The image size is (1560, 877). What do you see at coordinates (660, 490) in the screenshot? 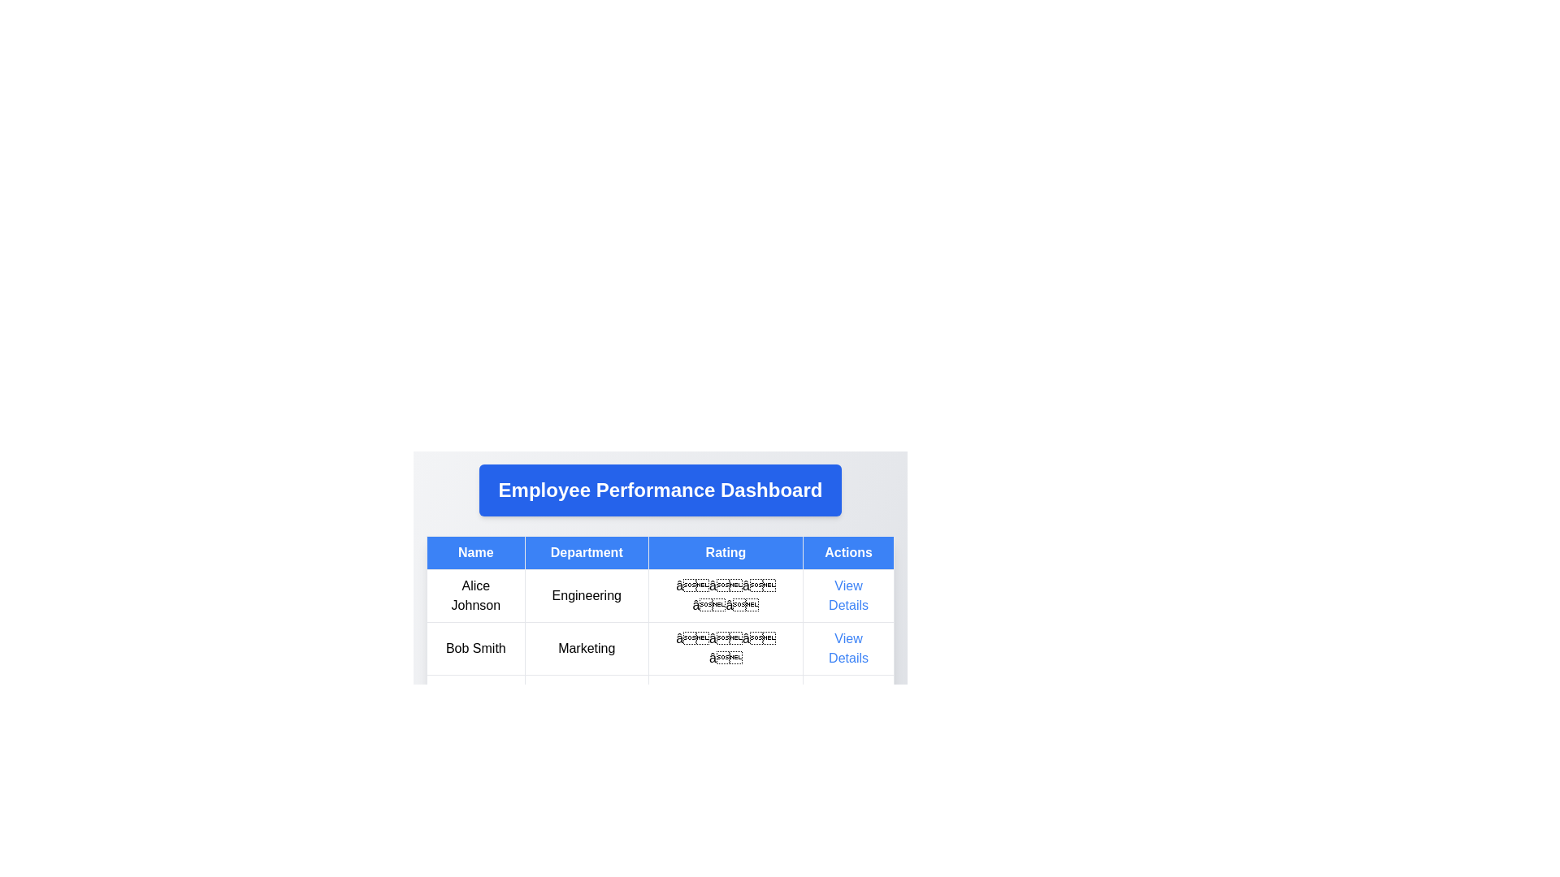
I see `the Text Header element, which serves as the title for the employee performance dashboard, positioned at the top of the layout above the employee details table` at bounding box center [660, 490].